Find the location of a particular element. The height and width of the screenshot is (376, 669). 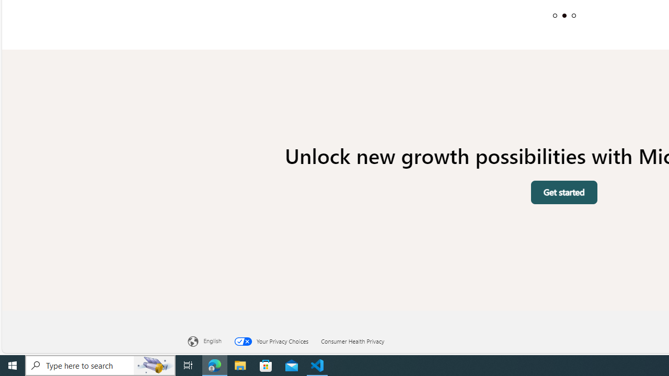

'Consumer Health Privacy' is located at coordinates (359, 340).